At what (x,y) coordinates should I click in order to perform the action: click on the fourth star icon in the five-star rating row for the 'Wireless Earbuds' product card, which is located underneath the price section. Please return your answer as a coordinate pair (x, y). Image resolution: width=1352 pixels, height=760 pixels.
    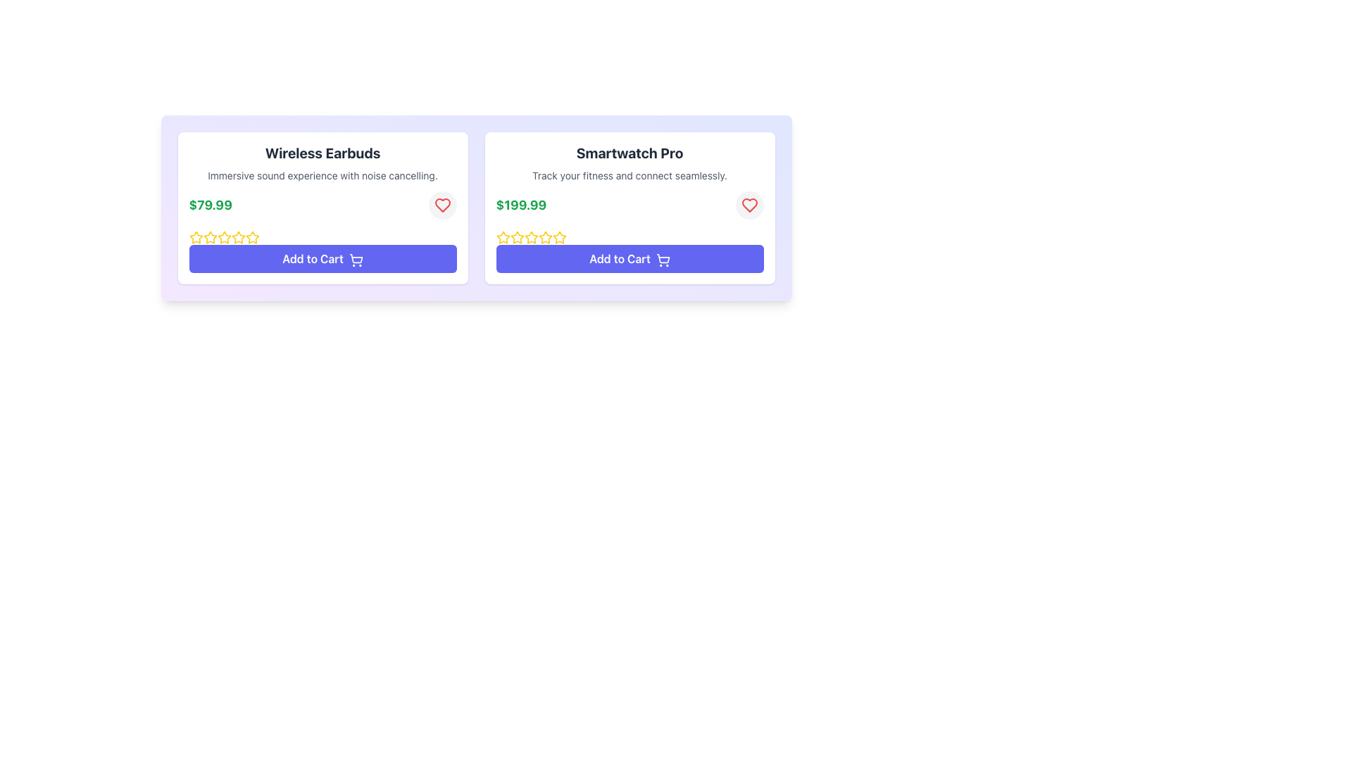
    Looking at the image, I should click on (252, 236).